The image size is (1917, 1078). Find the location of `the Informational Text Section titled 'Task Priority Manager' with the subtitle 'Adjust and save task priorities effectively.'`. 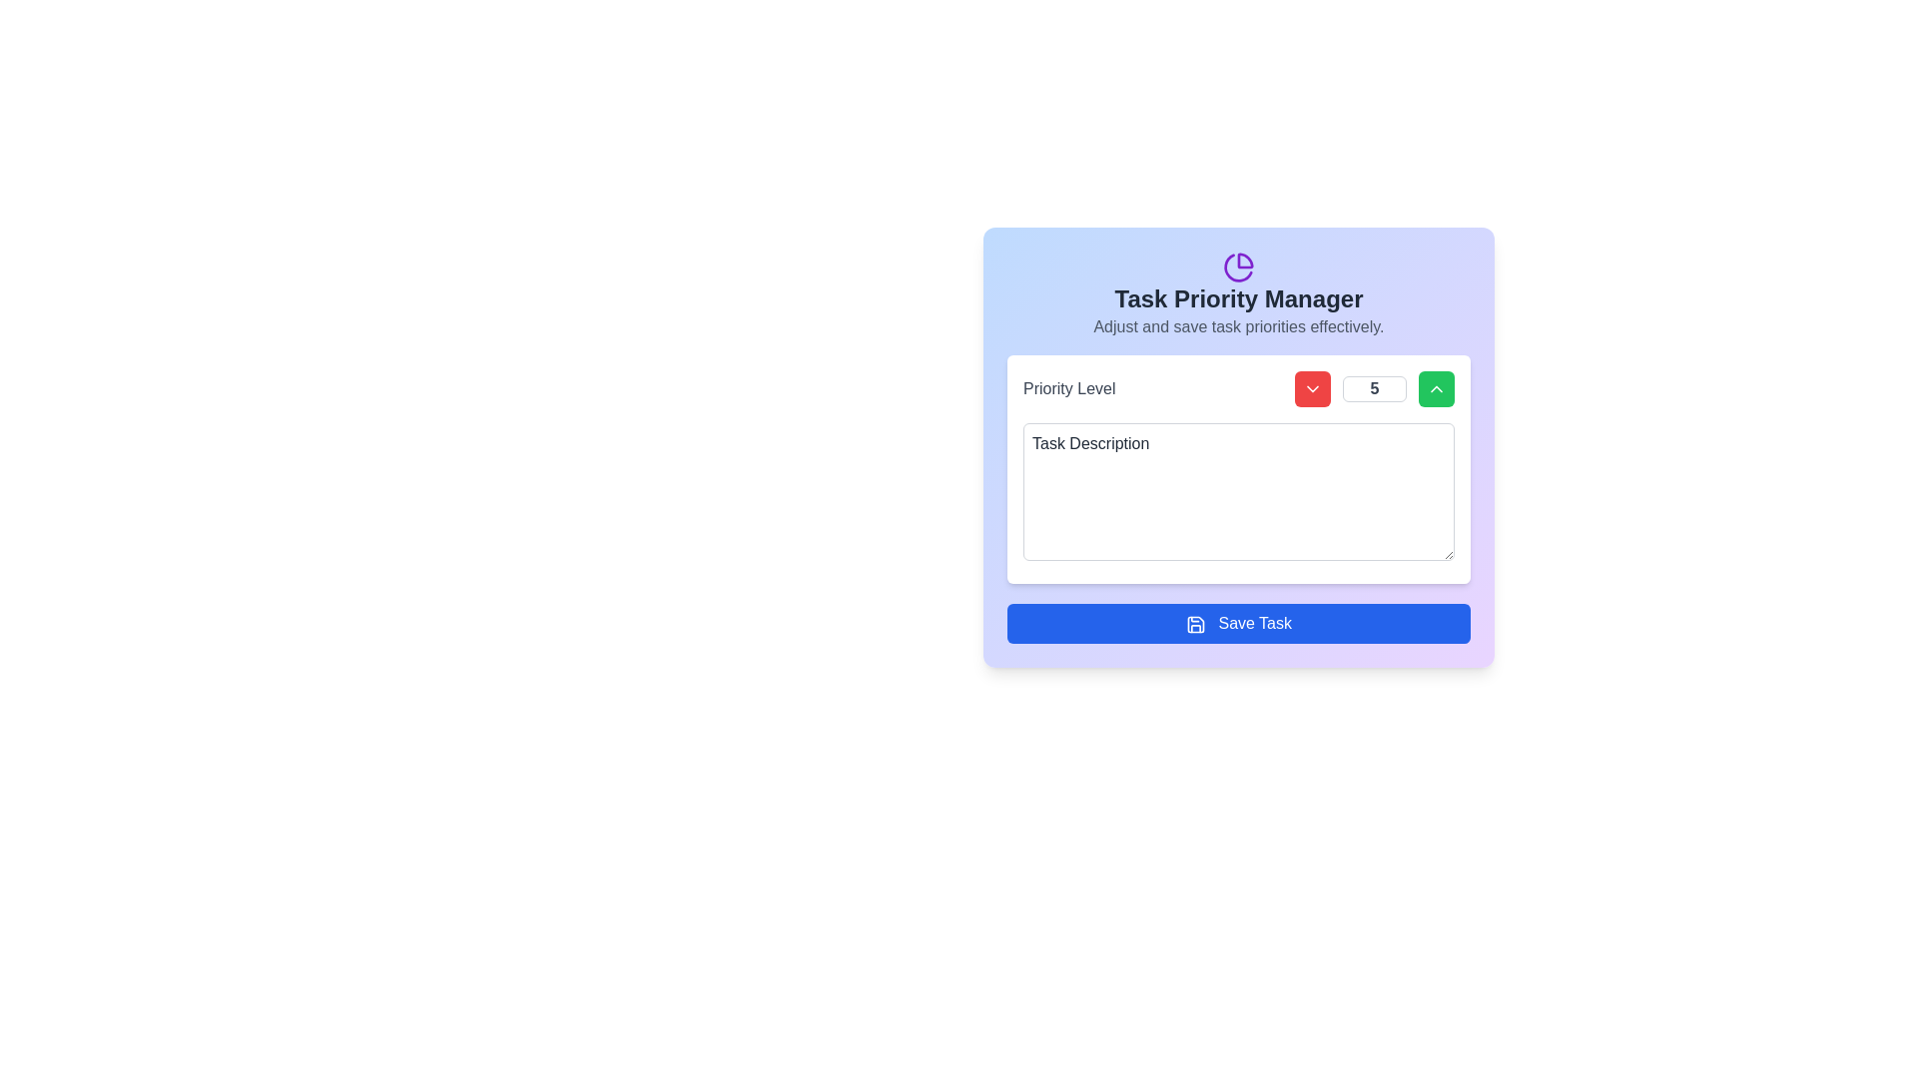

the Informational Text Section titled 'Task Priority Manager' with the subtitle 'Adjust and save task priorities effectively.' is located at coordinates (1238, 303).